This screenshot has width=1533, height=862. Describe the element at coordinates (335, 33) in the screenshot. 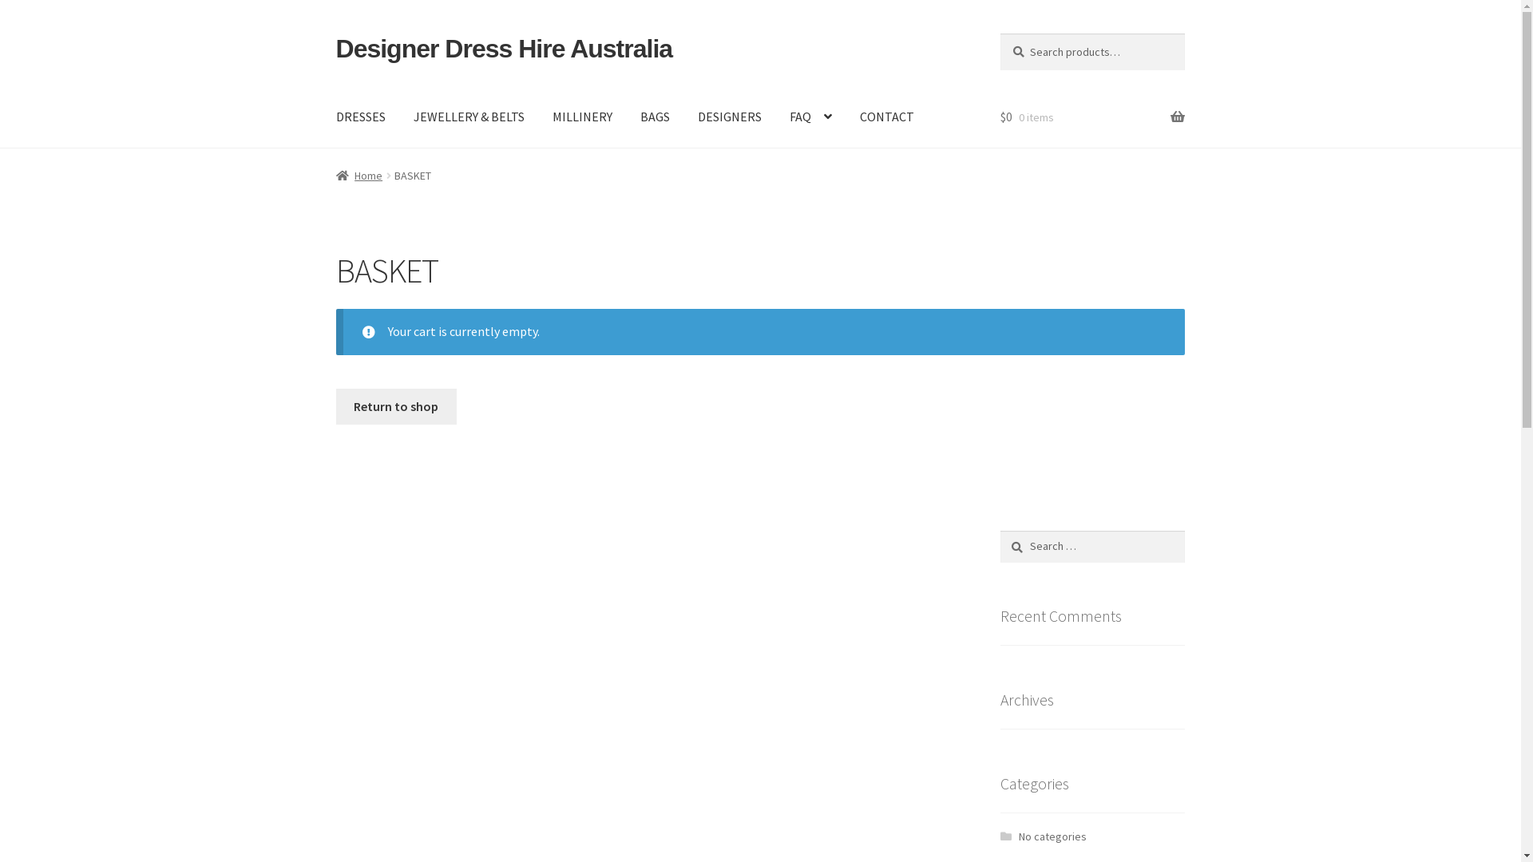

I see `'Skip to navigation'` at that location.